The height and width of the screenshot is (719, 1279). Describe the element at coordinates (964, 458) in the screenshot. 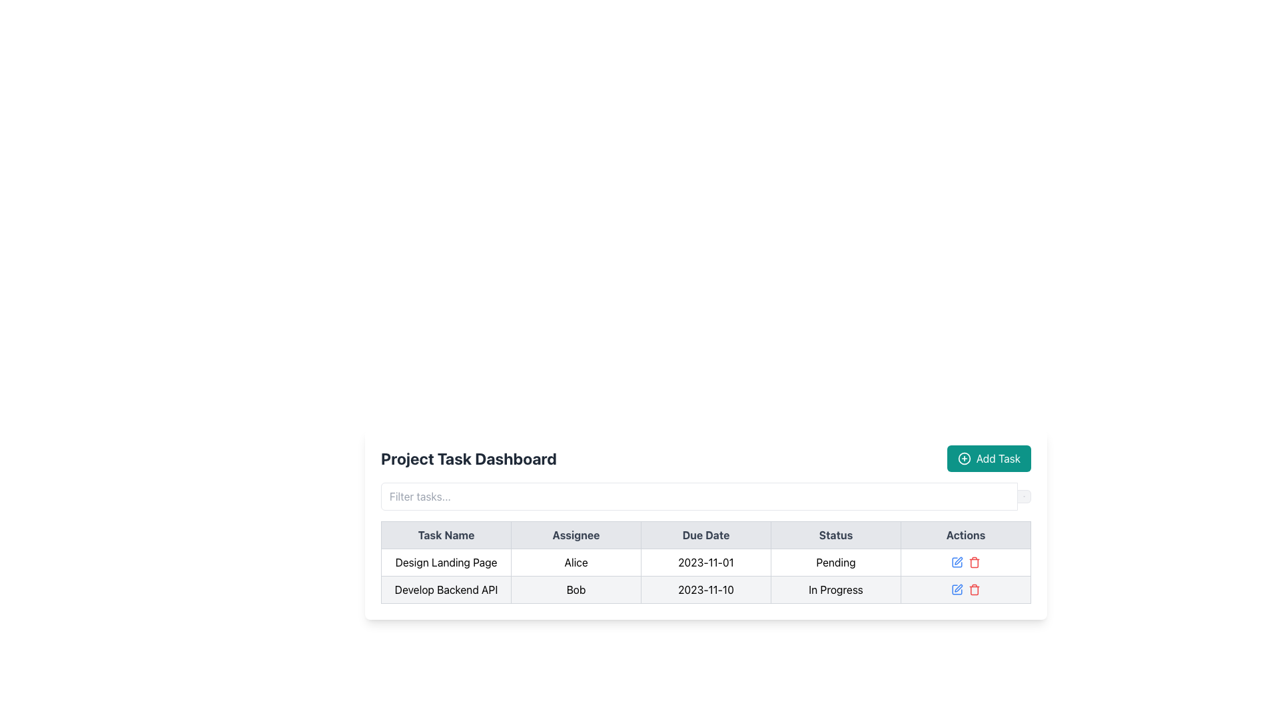

I see `the circular '+' icon with a white stroke on a teal background, located on the left of the 'Add Task' button in the top-right corner of the task dashboard` at that location.